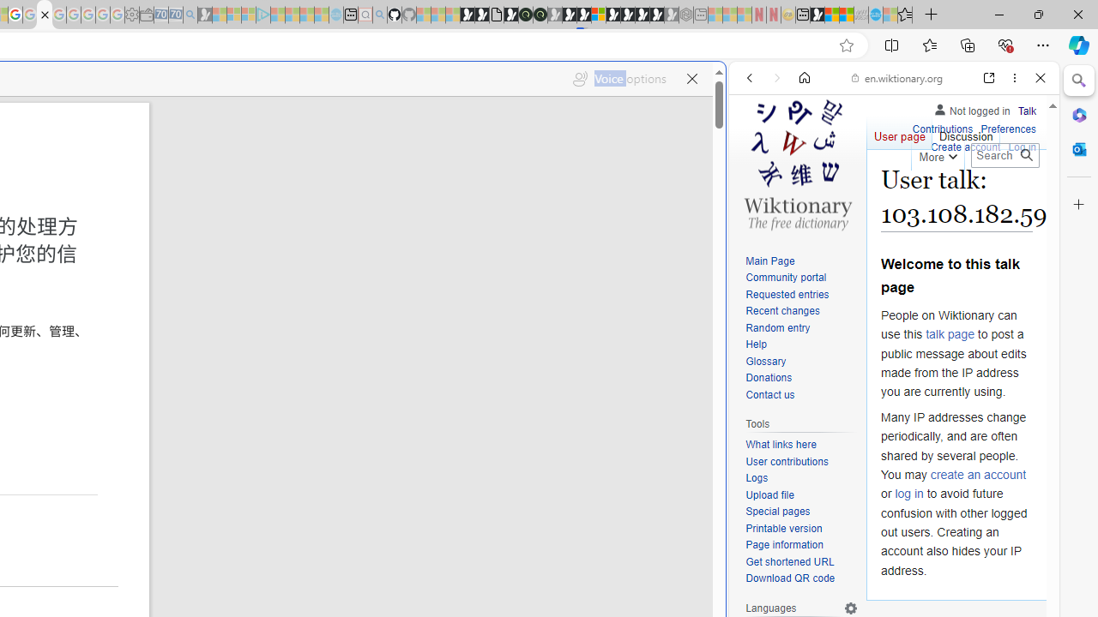 The height and width of the screenshot is (617, 1098). What do you see at coordinates (801, 345) in the screenshot?
I see `'Help'` at bounding box center [801, 345].